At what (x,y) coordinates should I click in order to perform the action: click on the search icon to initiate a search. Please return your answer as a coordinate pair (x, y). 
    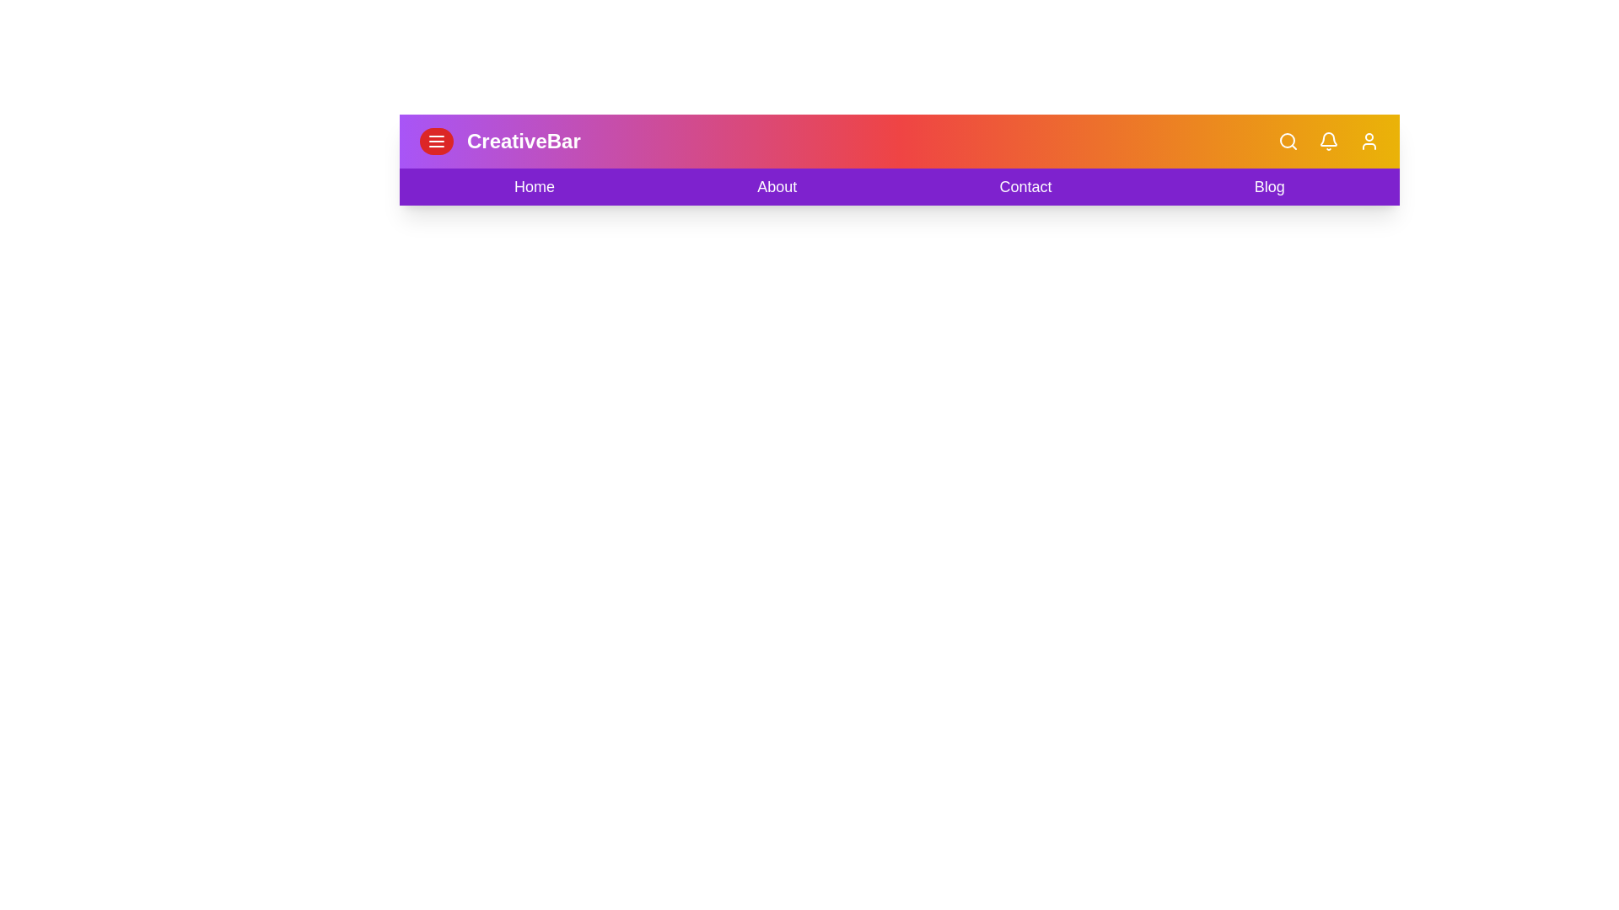
    Looking at the image, I should click on (1287, 141).